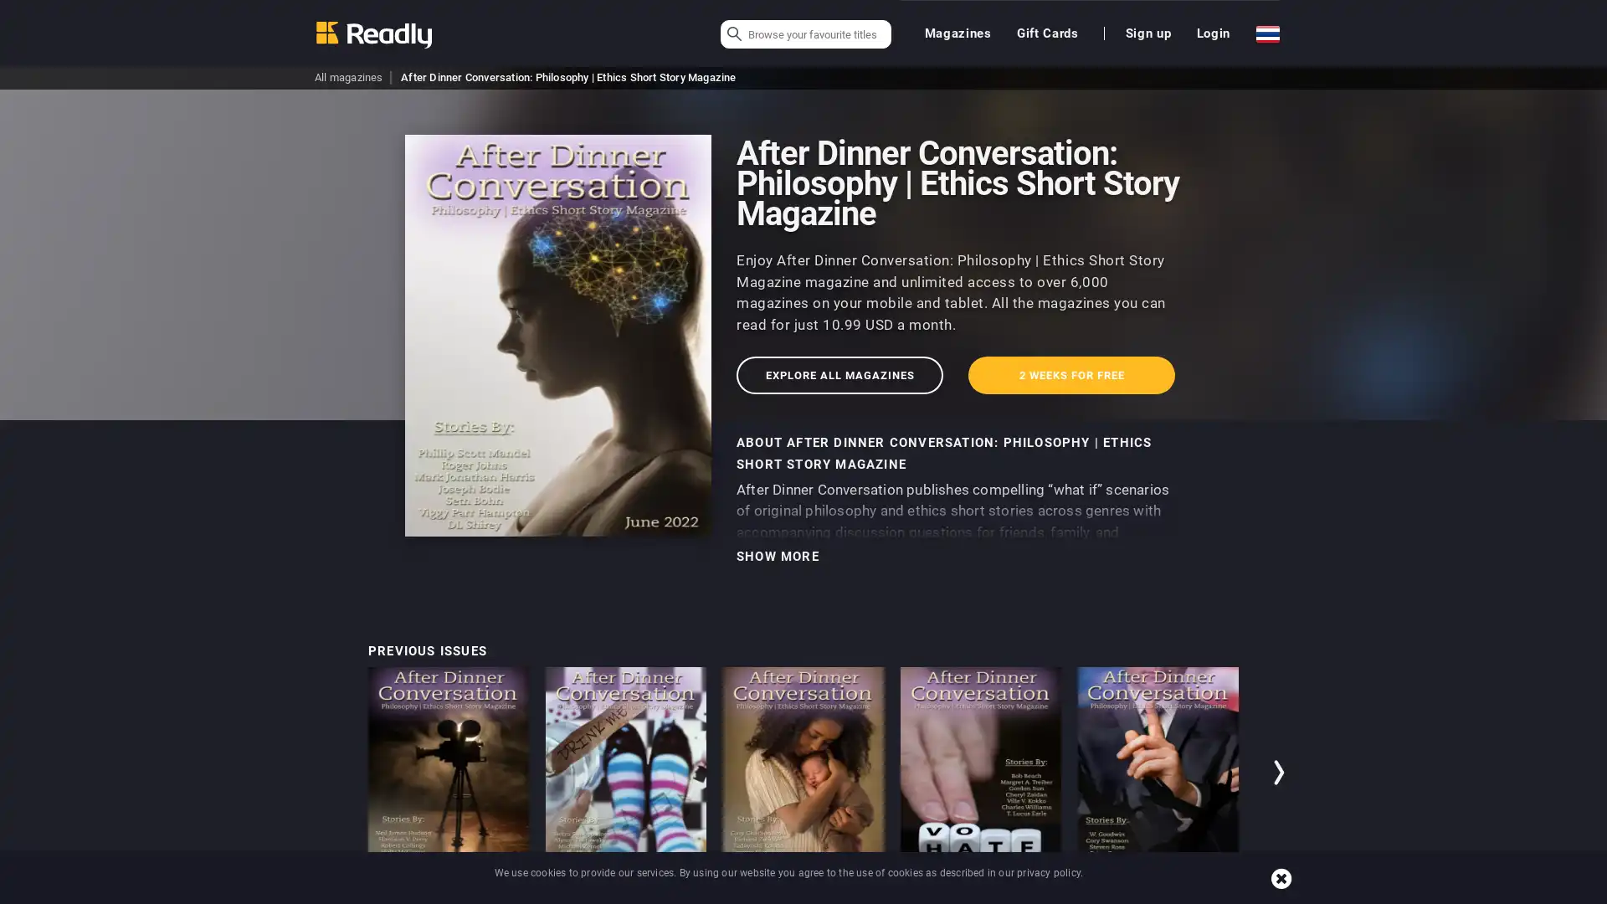 This screenshot has width=1607, height=904. I want to click on 4, so click(1210, 893).